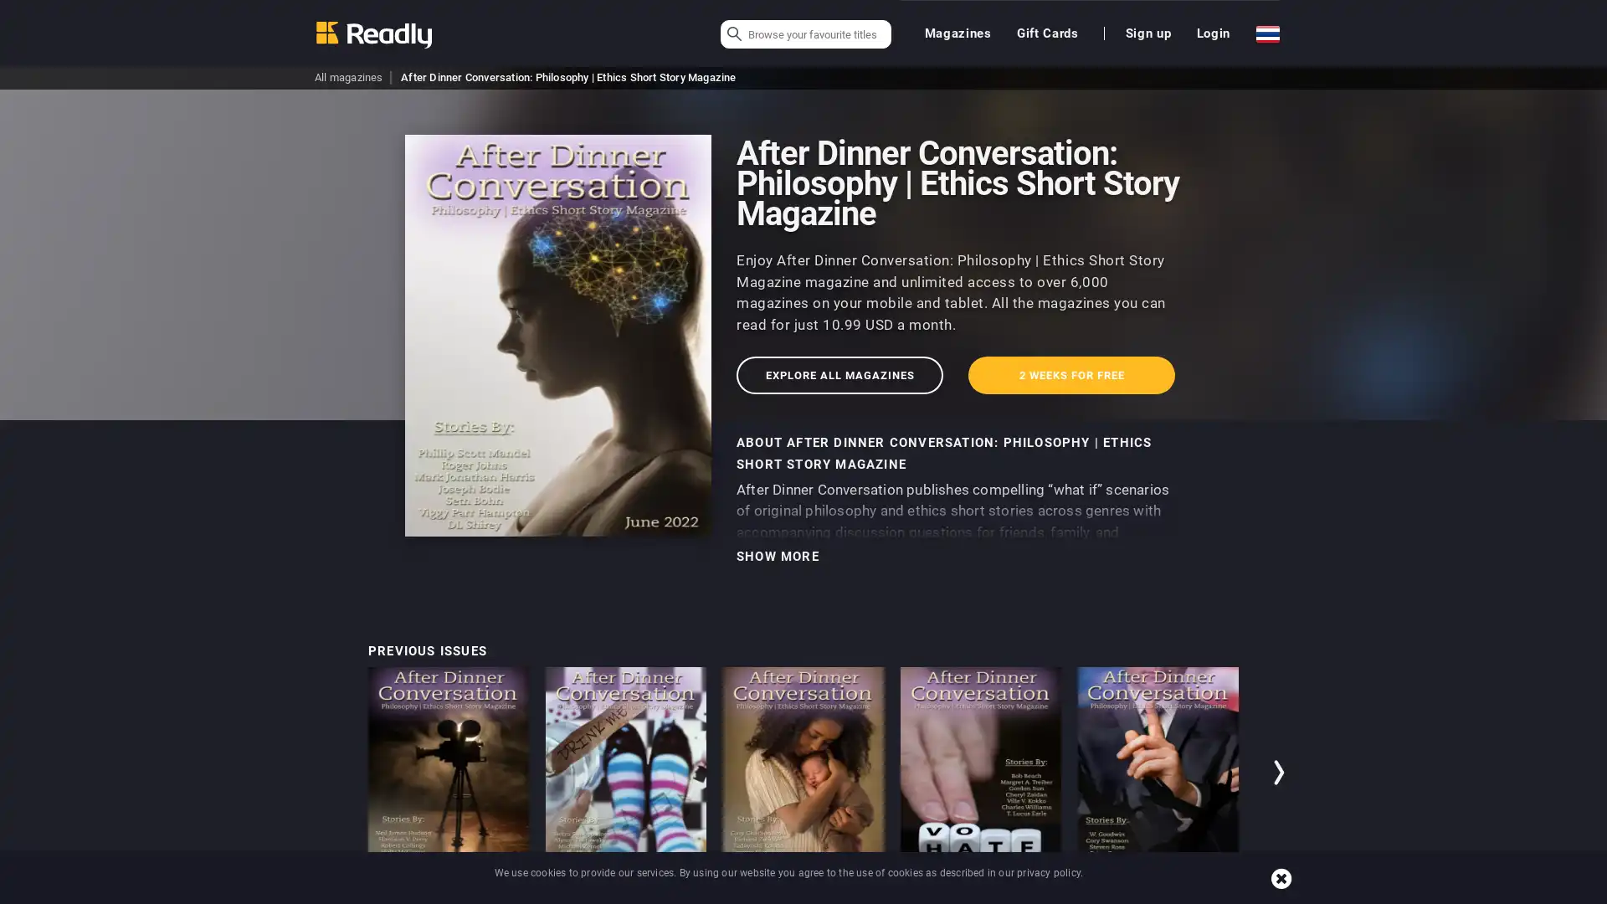 This screenshot has width=1607, height=904. I want to click on 4, so click(1210, 893).